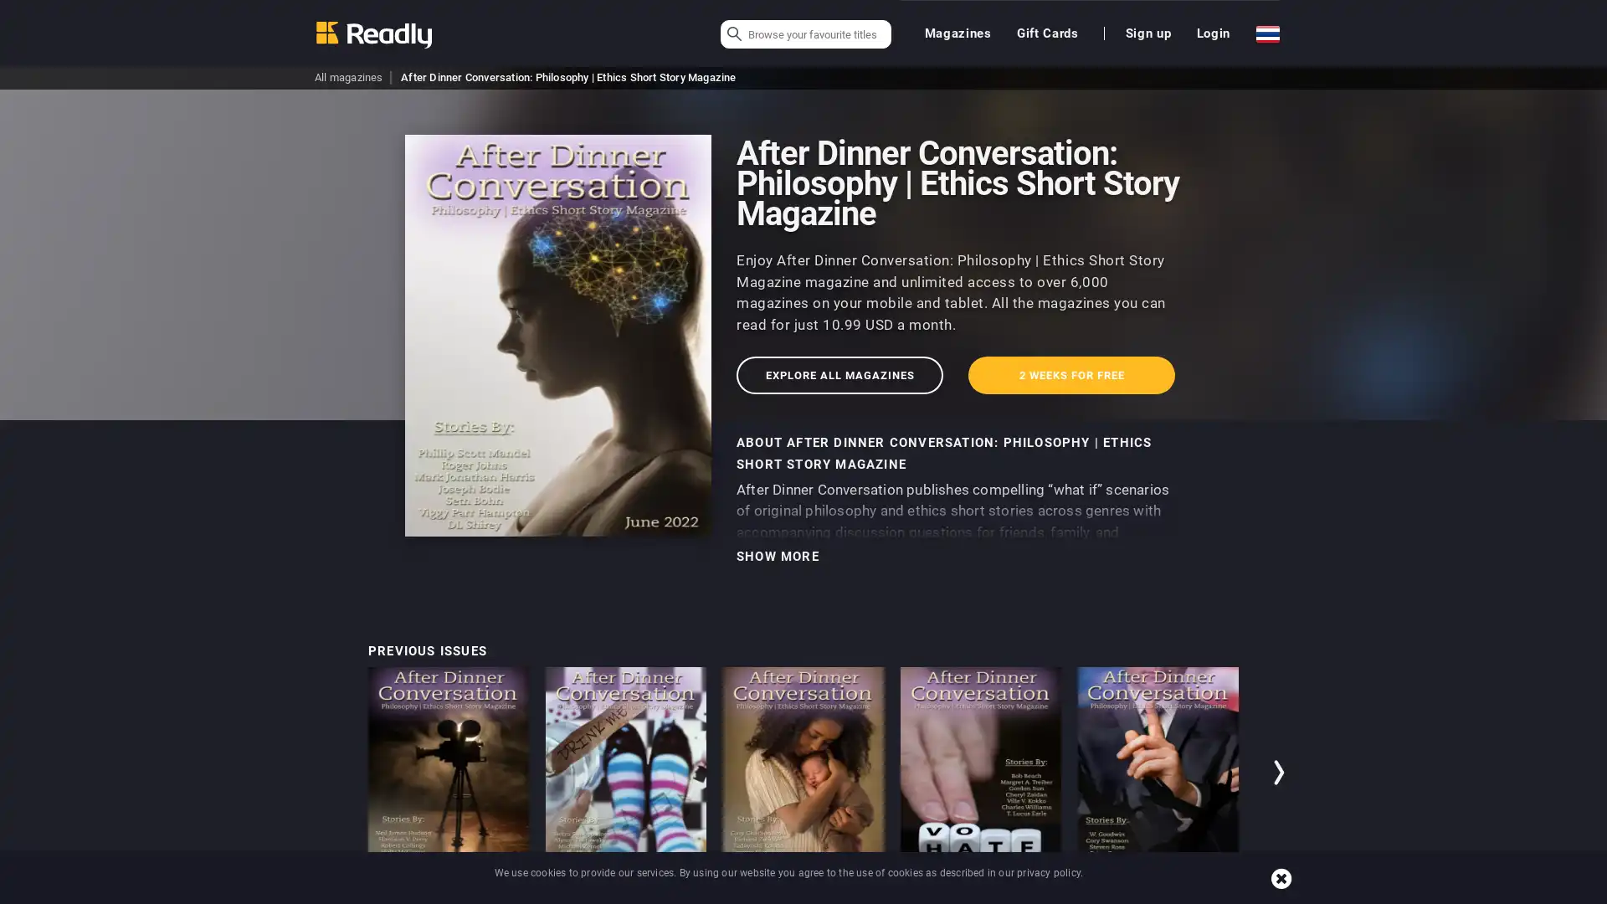 This screenshot has width=1607, height=904. I want to click on 4, so click(1210, 893).